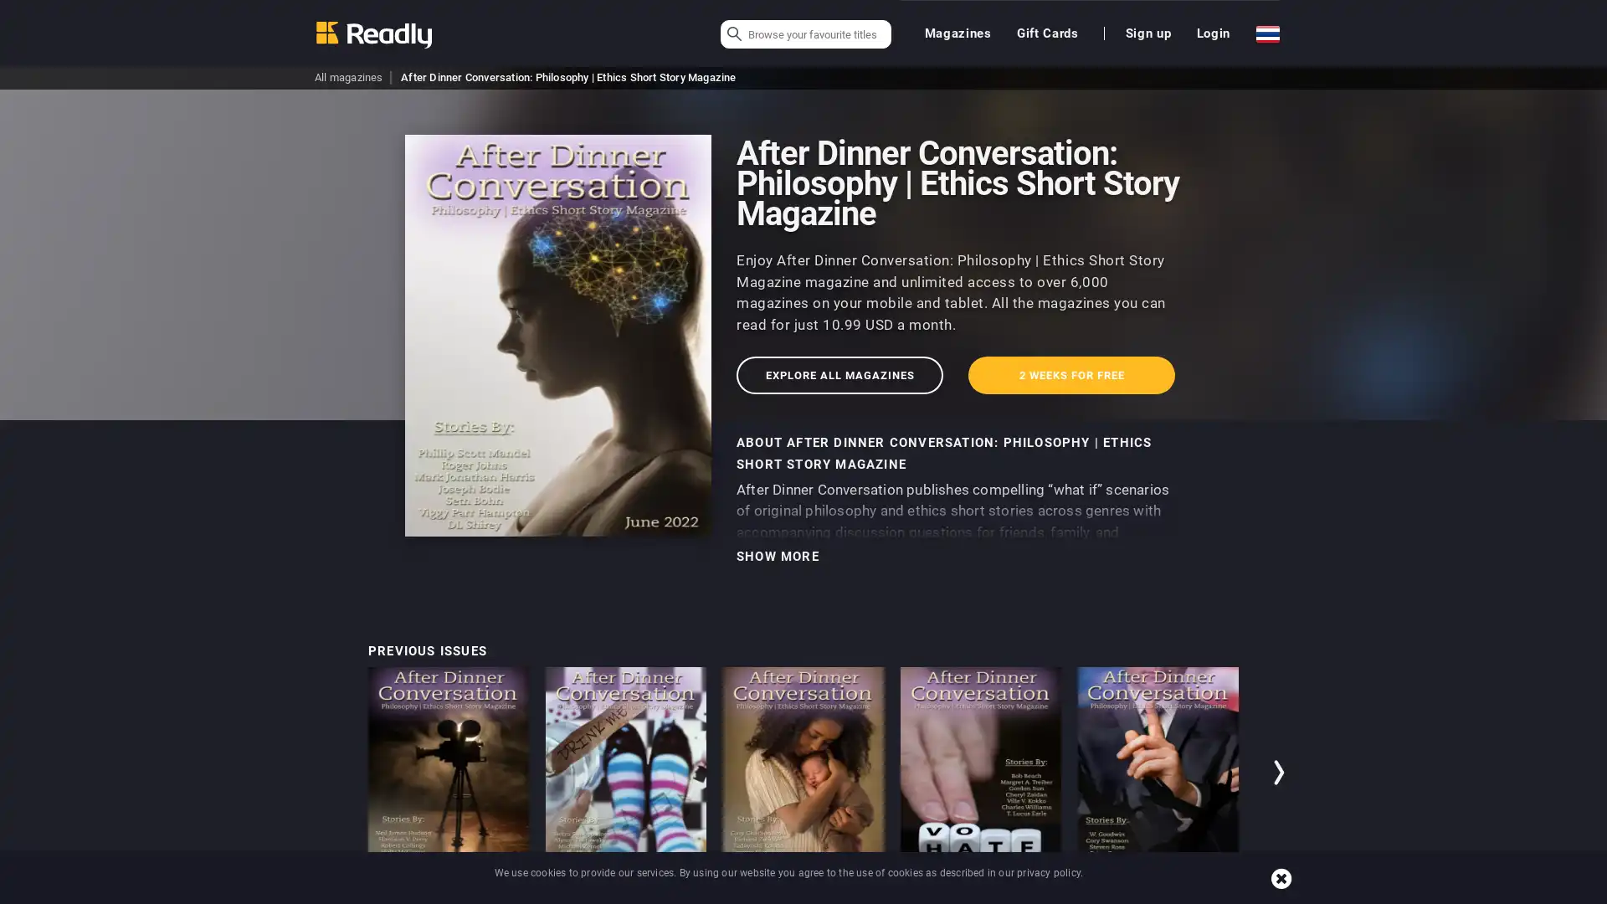 This screenshot has width=1607, height=904. I want to click on 4, so click(1210, 893).